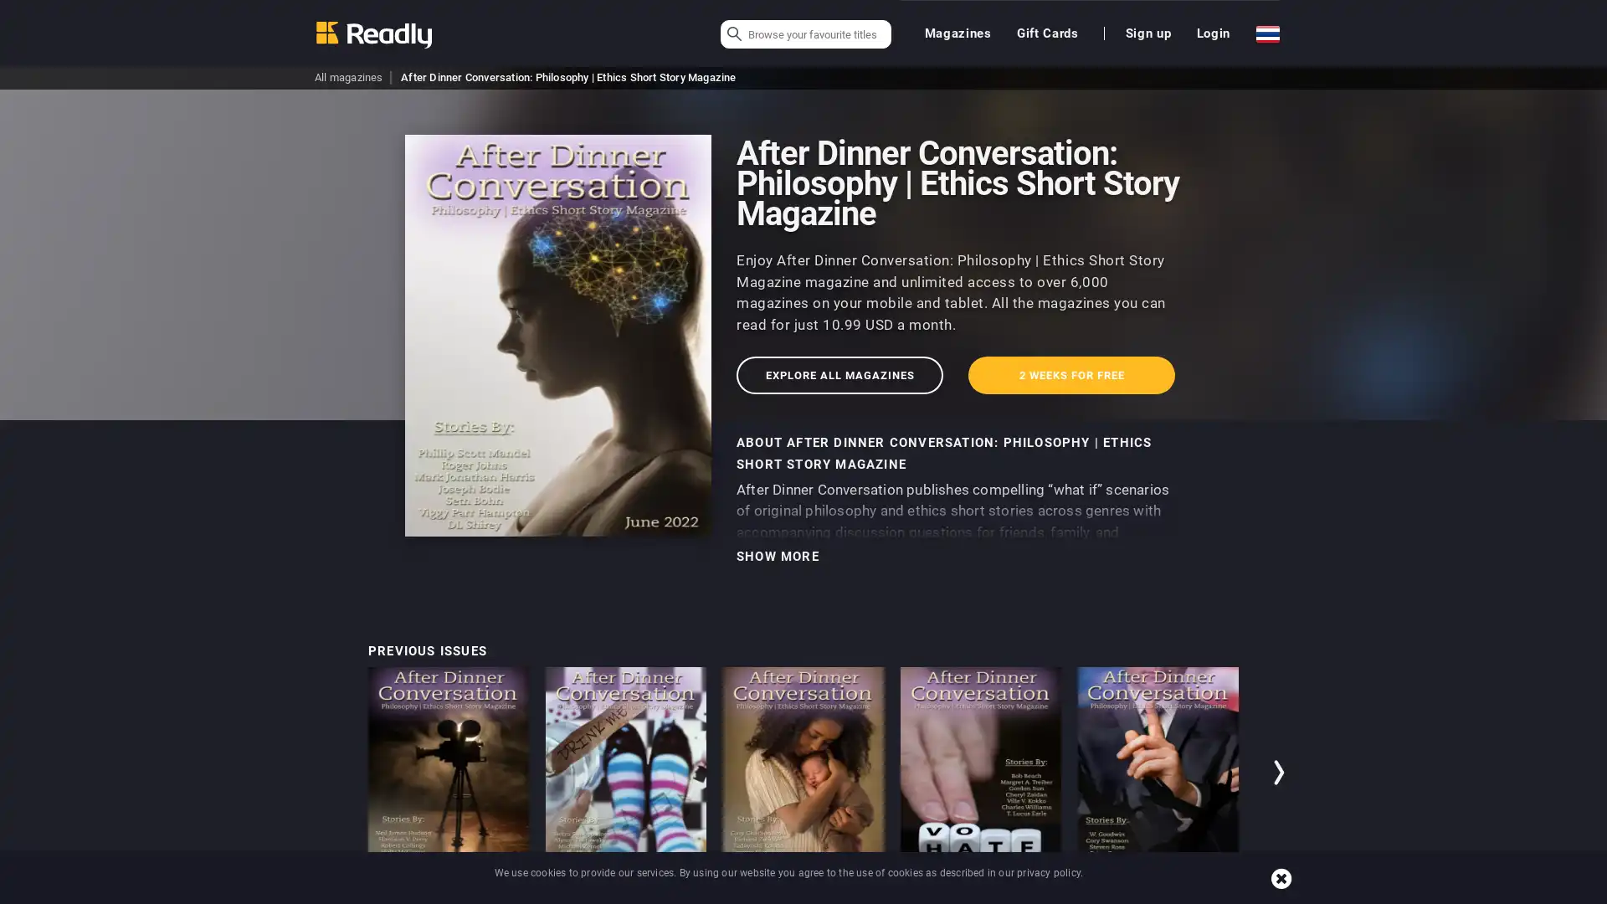 This screenshot has width=1607, height=904. I want to click on 4, so click(1210, 893).